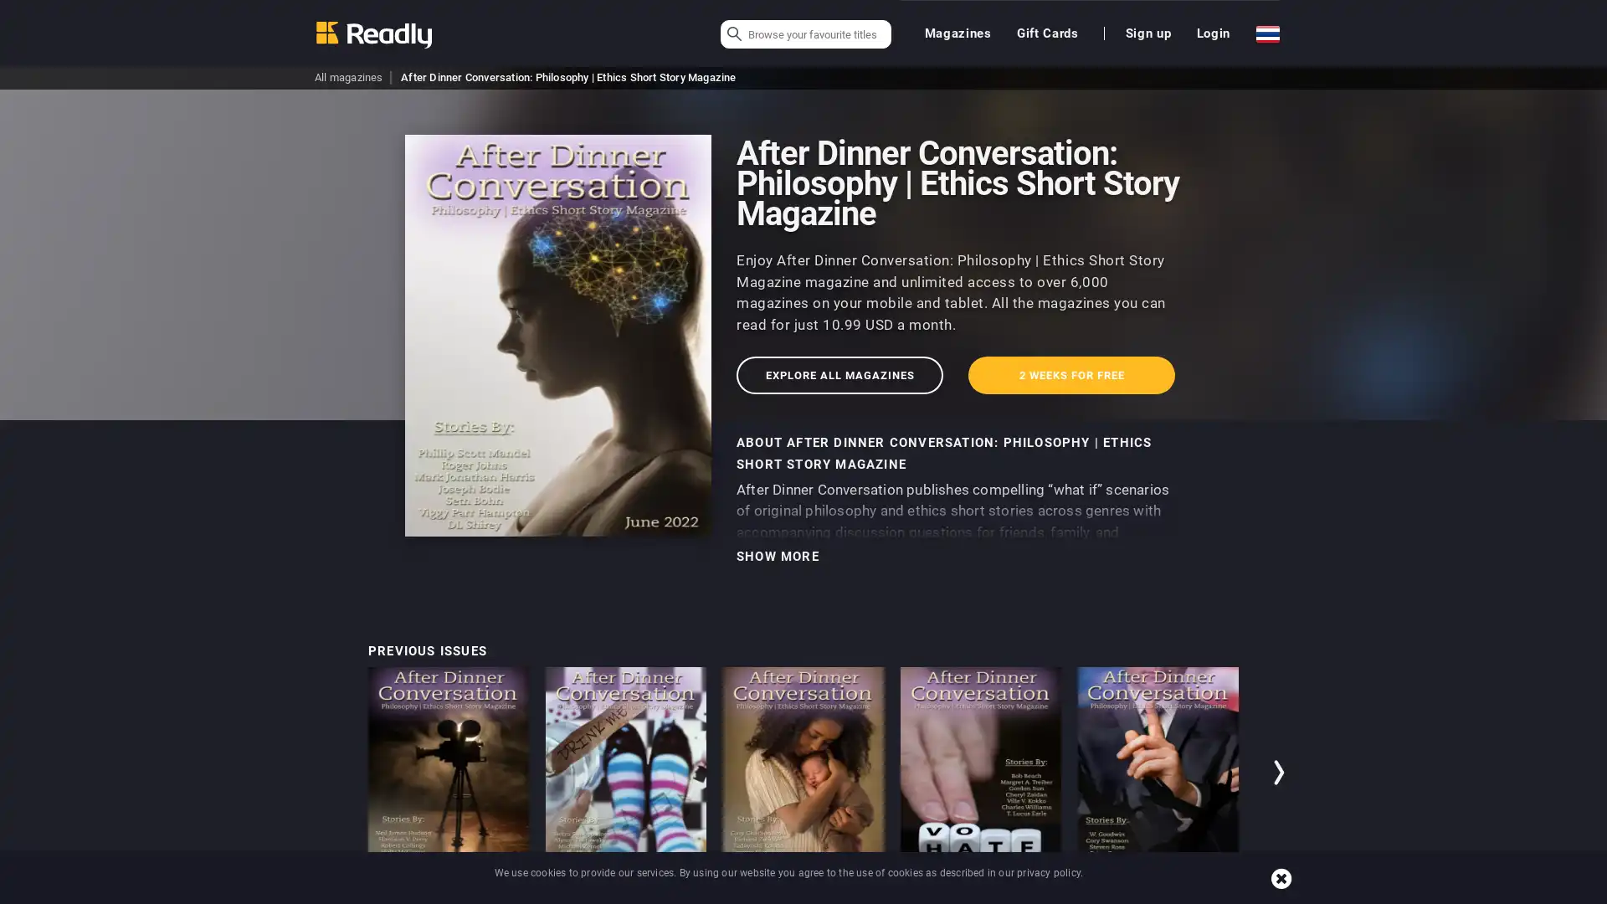 This screenshot has width=1607, height=904. I want to click on 4, so click(1210, 893).